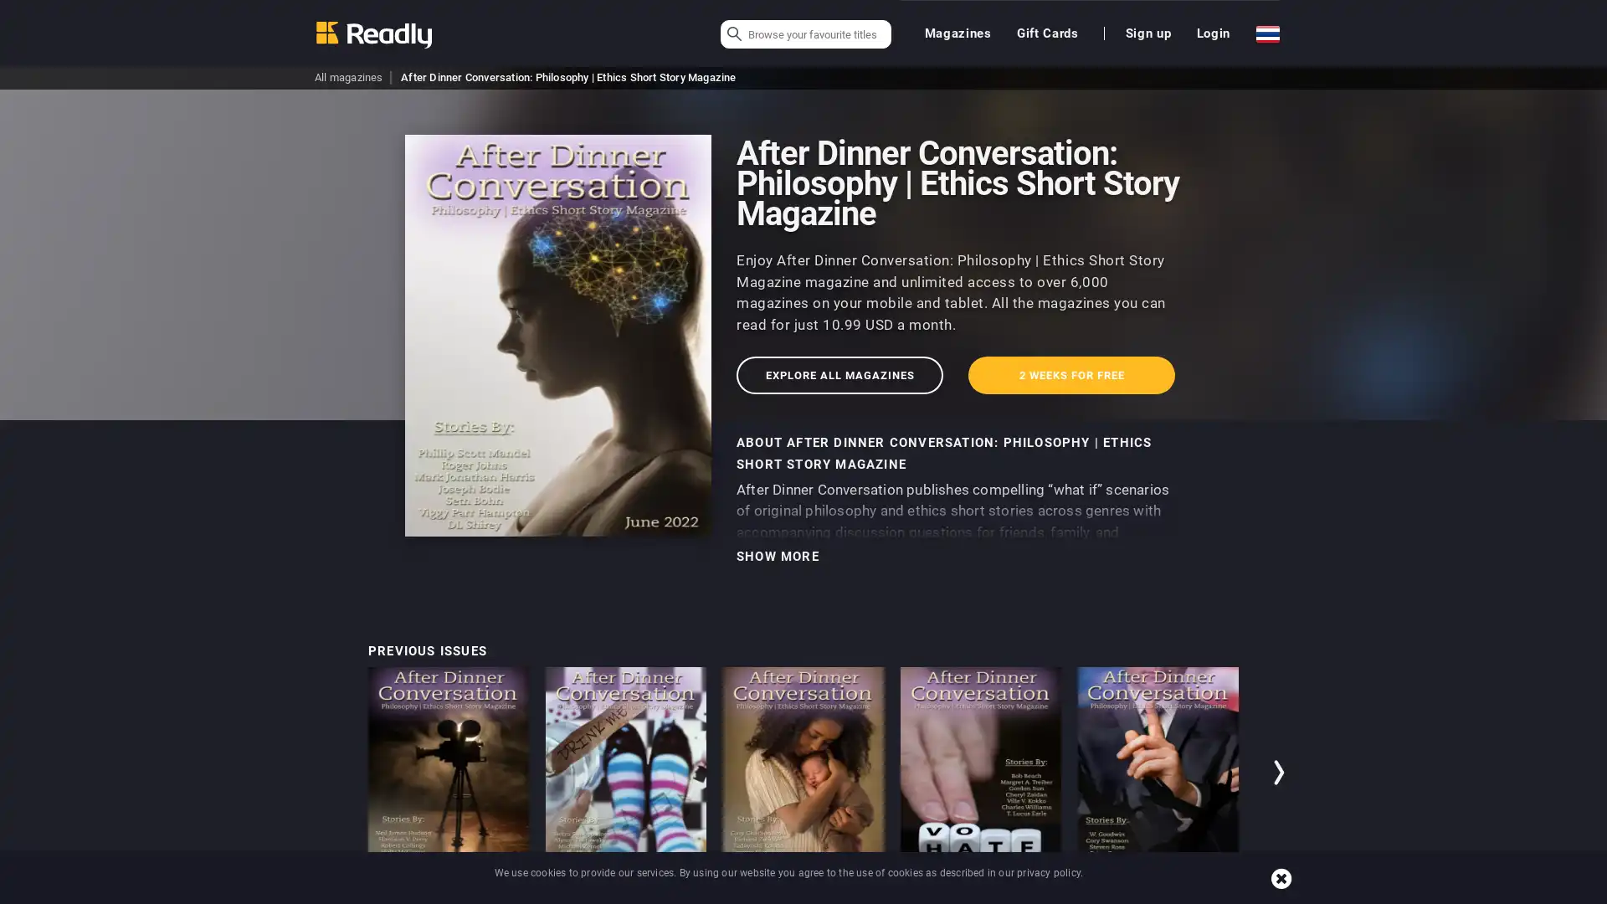 This screenshot has width=1607, height=904. I want to click on 4, so click(1210, 893).